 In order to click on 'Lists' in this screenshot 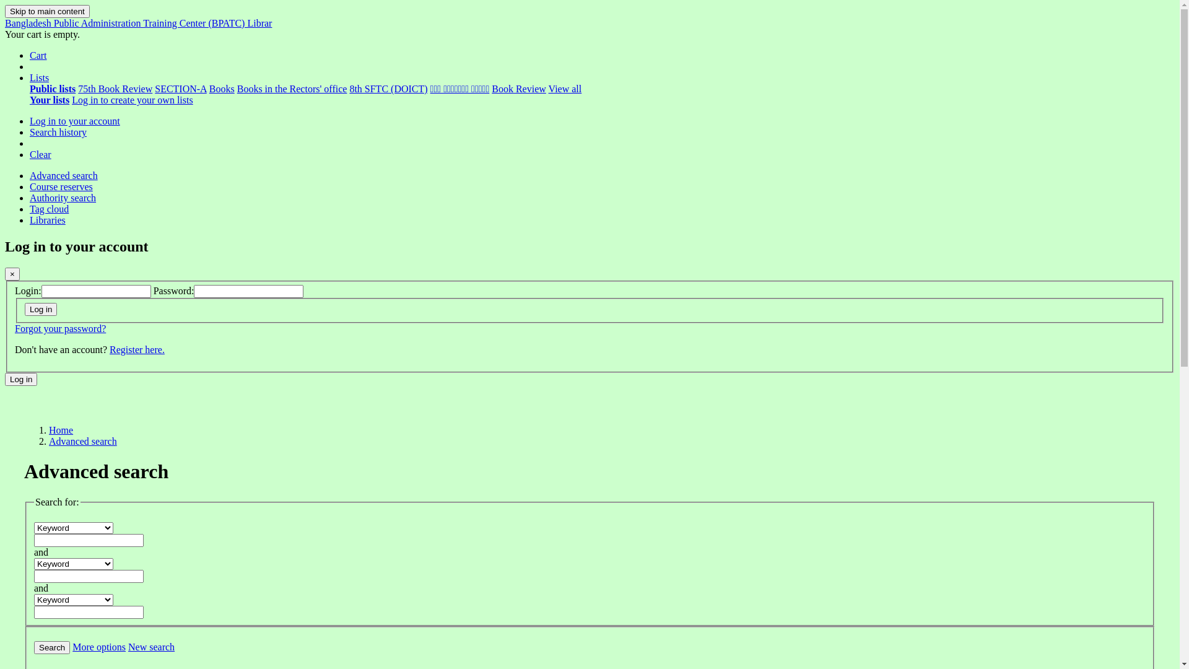, I will do `click(39, 77)`.